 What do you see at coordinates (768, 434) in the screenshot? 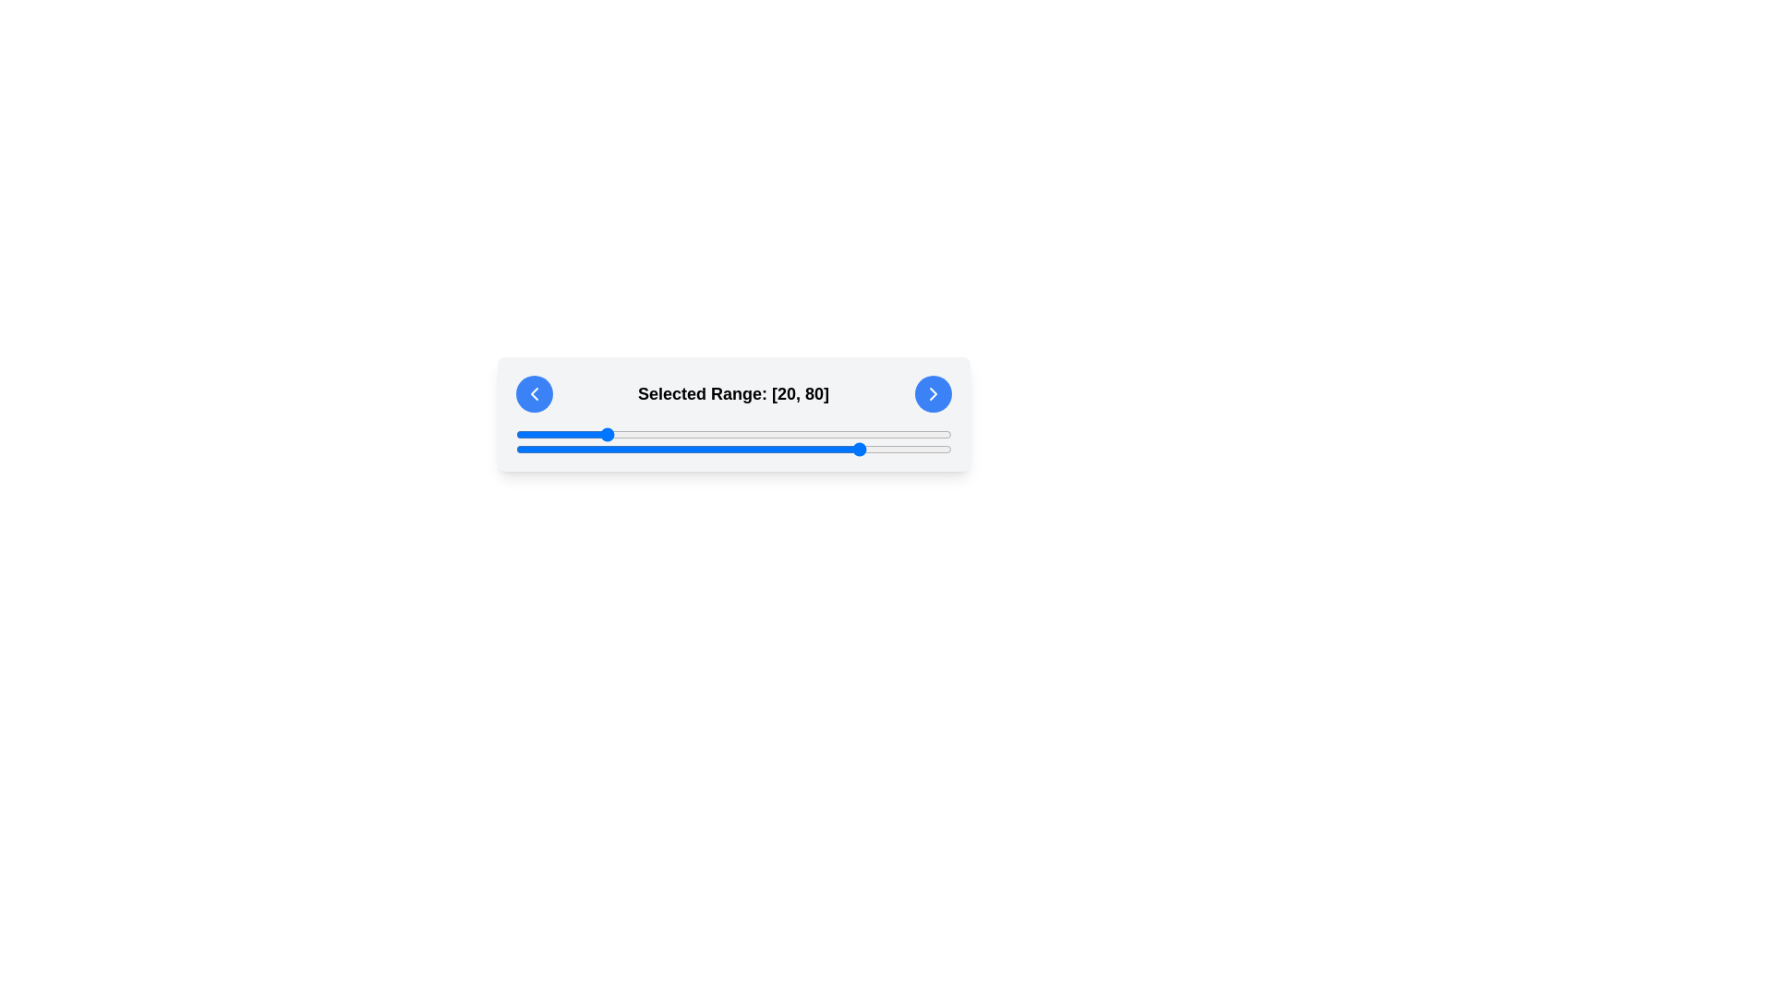
I see `slider value` at bounding box center [768, 434].